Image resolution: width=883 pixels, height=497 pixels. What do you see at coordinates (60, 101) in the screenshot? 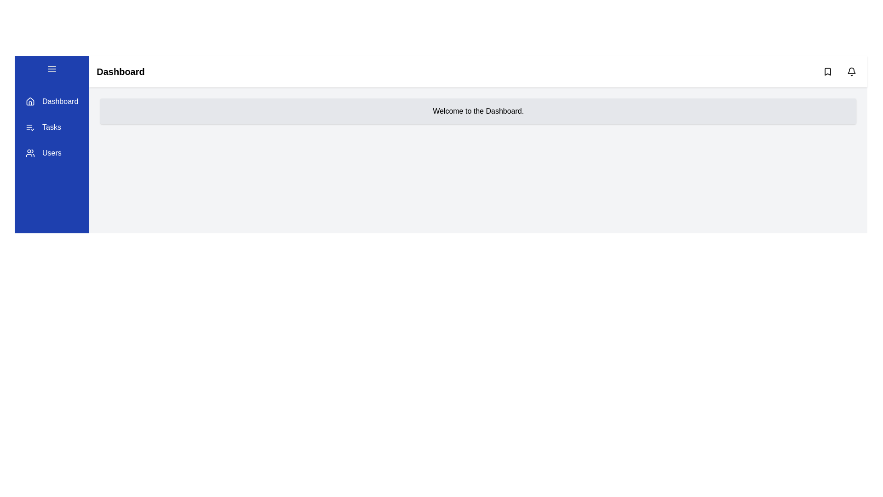
I see `the 'Dashboard' text label in the navigation menu, which is the first item next to the house icon` at bounding box center [60, 101].